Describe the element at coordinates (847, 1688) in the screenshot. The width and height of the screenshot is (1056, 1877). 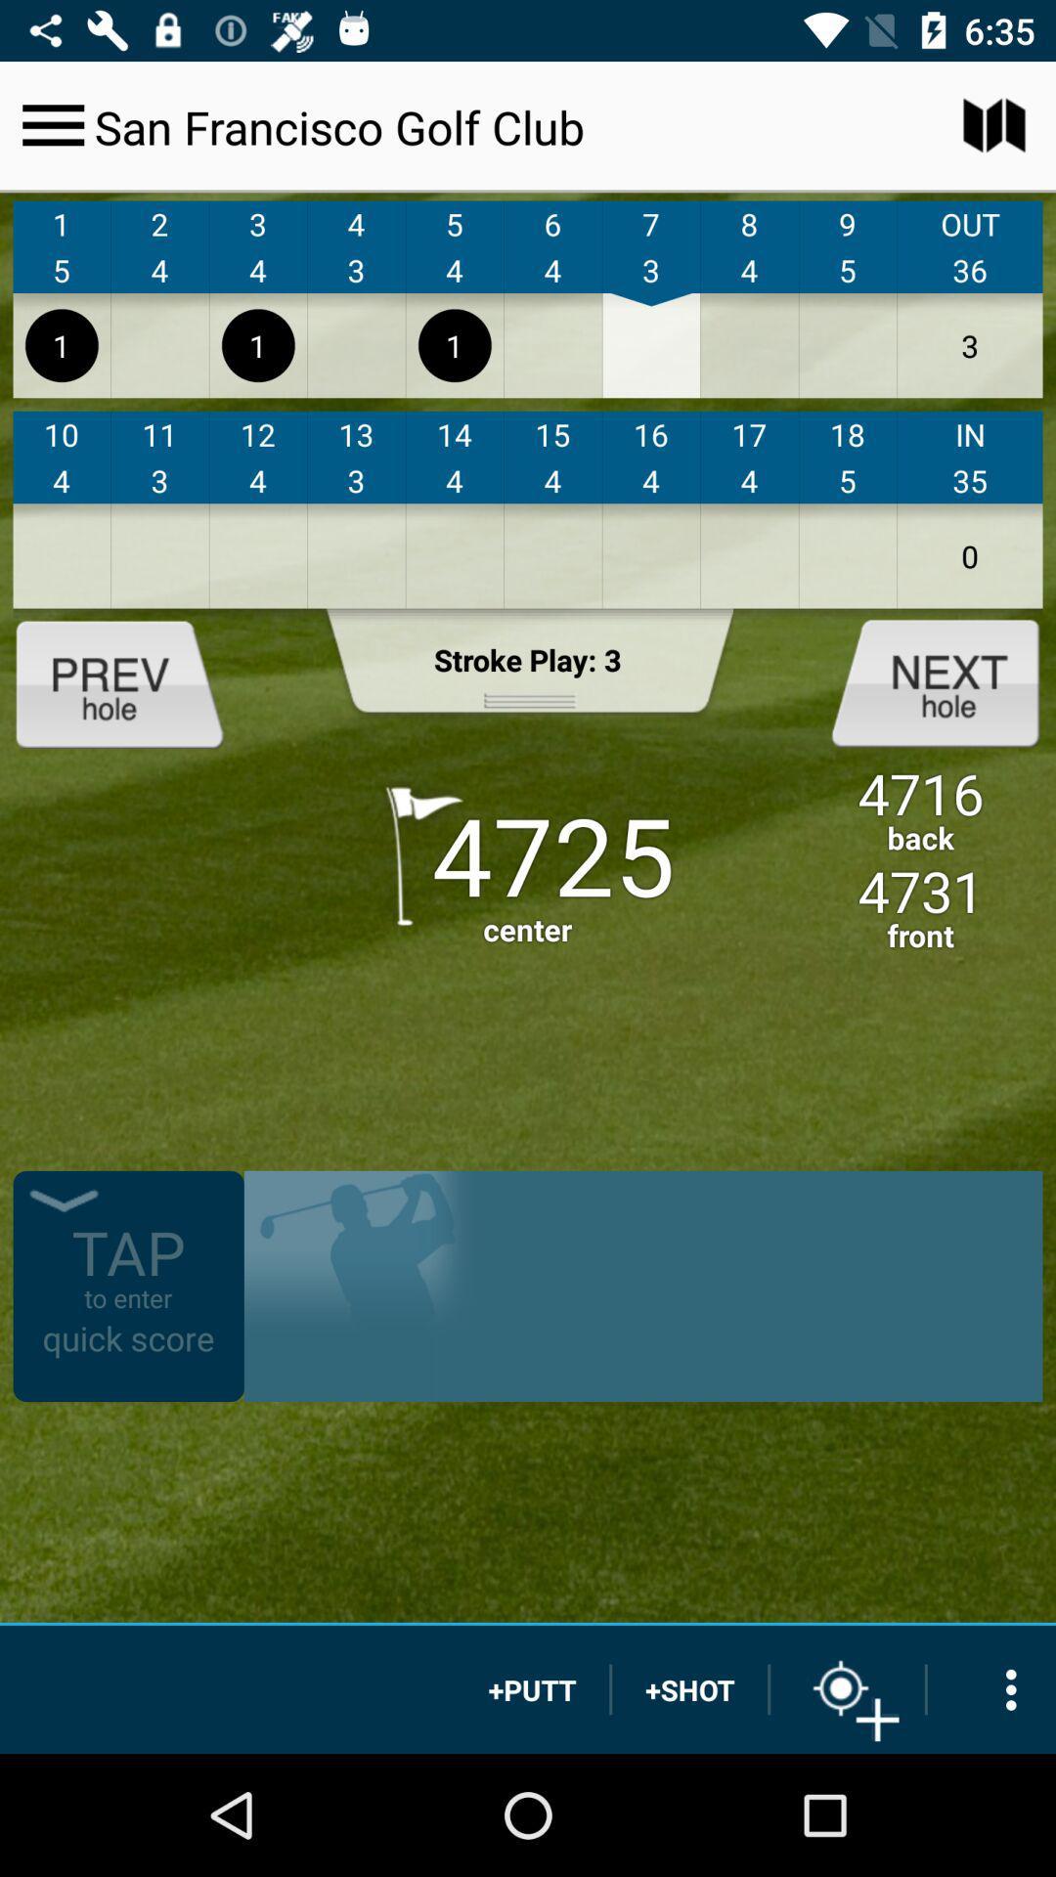
I see `a target for your next play` at that location.